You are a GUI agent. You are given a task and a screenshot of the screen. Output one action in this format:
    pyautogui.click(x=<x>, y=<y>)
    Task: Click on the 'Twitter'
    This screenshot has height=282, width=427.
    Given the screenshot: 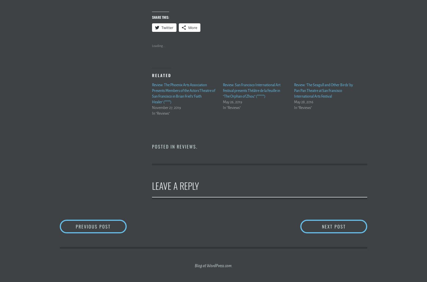 What is the action you would take?
    pyautogui.click(x=161, y=27)
    